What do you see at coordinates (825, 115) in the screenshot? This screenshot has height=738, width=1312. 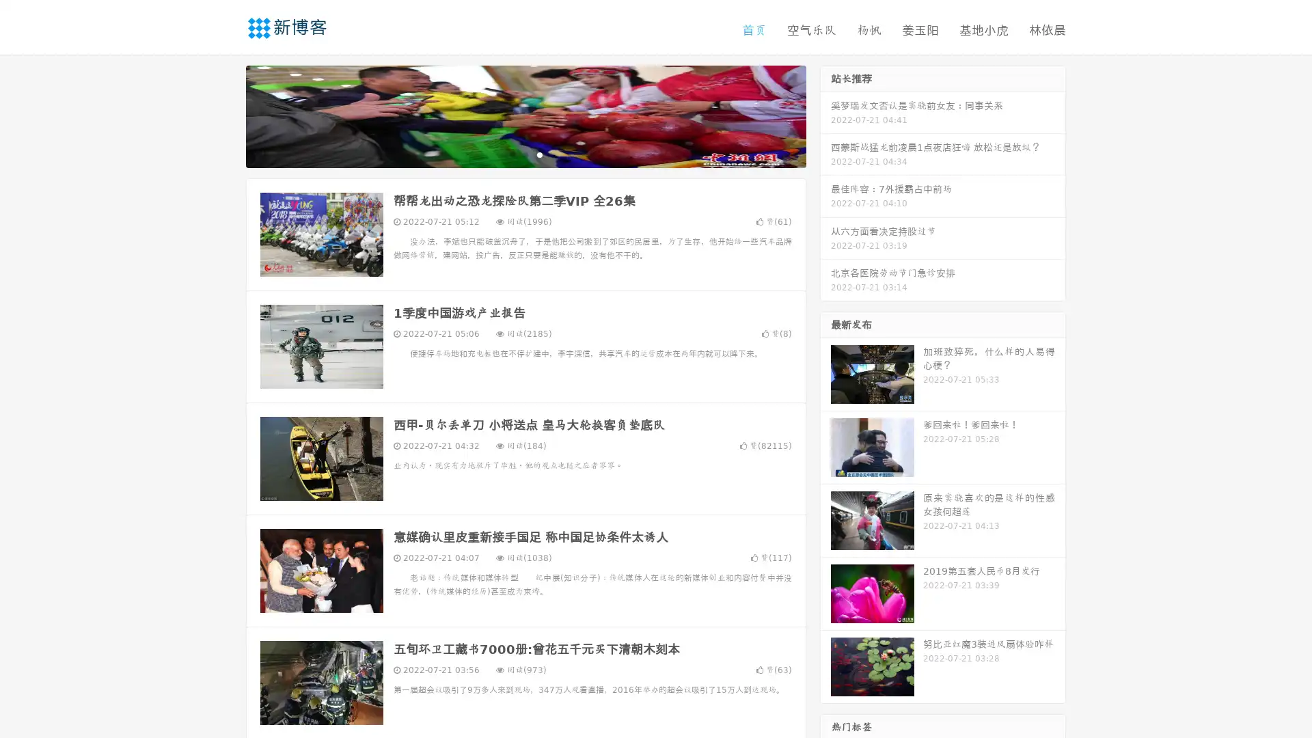 I see `Next slide` at bounding box center [825, 115].